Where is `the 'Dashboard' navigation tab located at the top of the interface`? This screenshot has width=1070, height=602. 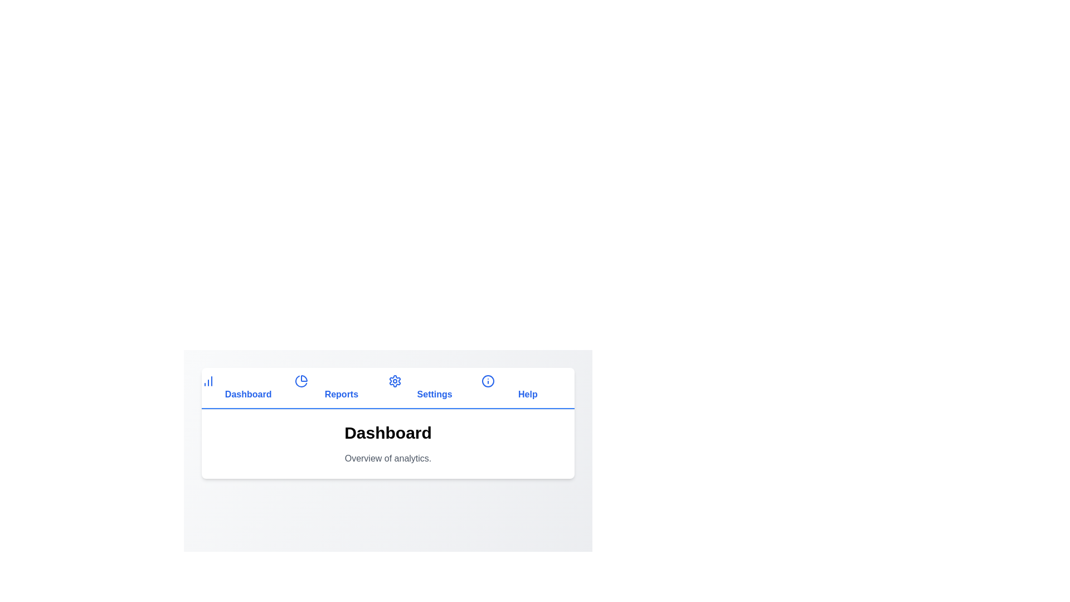 the 'Dashboard' navigation tab located at the top of the interface is located at coordinates (247, 388).